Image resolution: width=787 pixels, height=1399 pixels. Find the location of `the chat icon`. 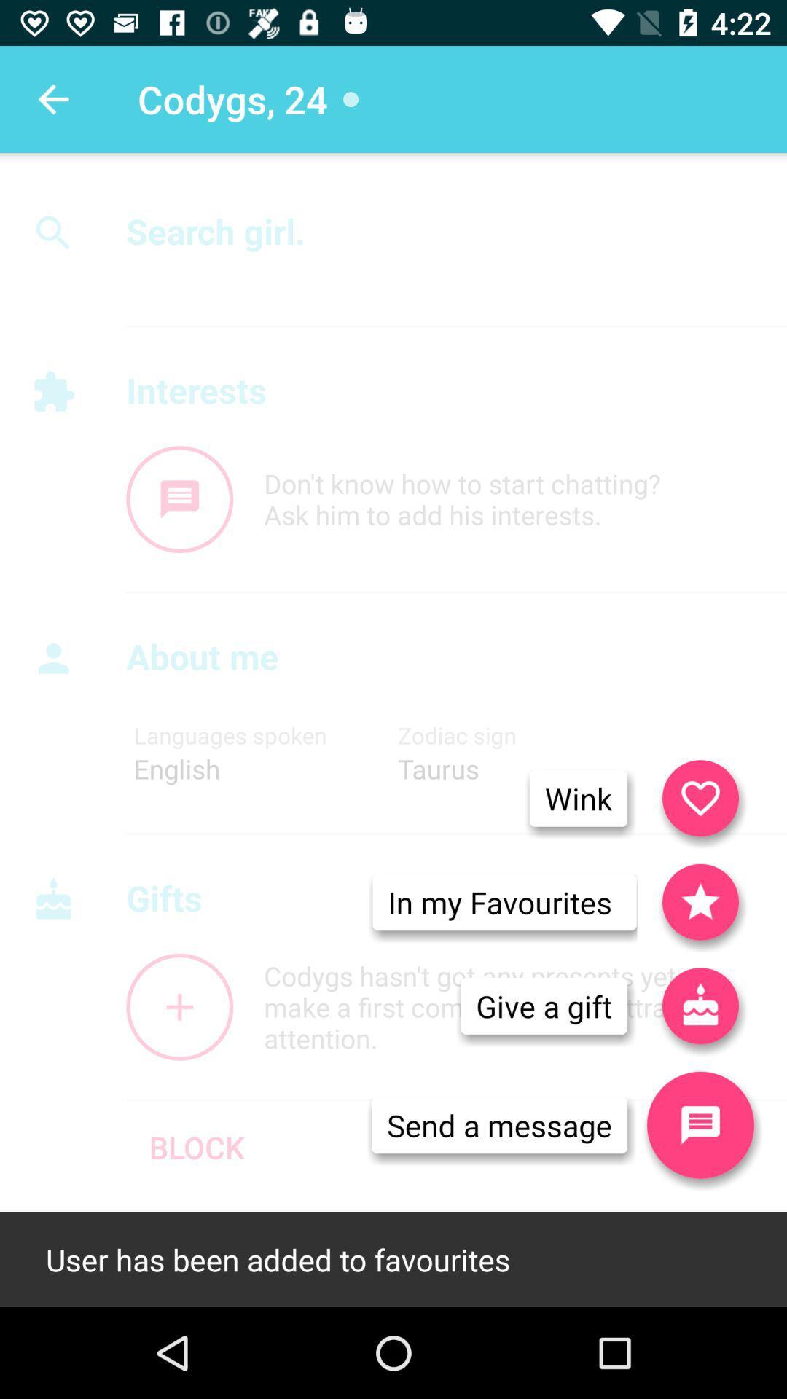

the chat icon is located at coordinates (179, 499).